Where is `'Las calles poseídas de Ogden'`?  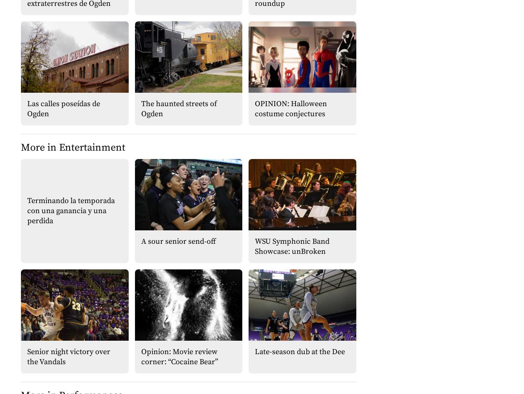
'Las calles poseídas de Ogden' is located at coordinates (64, 108).